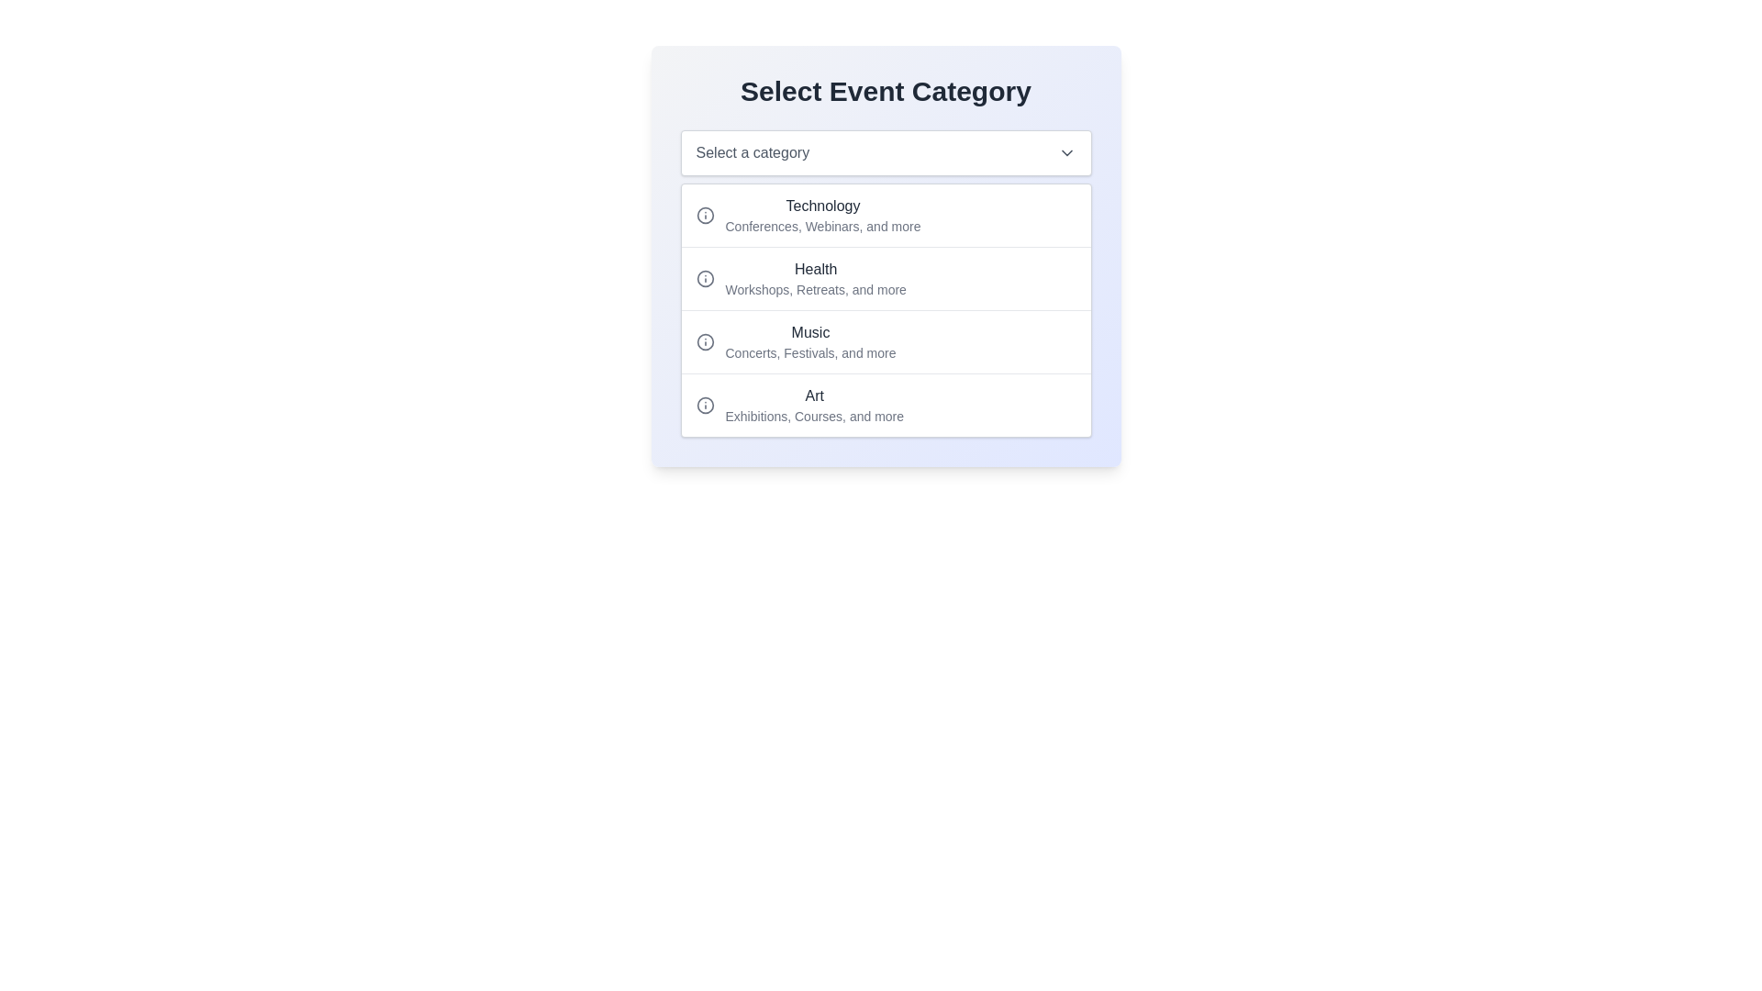 The image size is (1762, 991). What do you see at coordinates (822, 206) in the screenshot?
I see `the text label that reads 'Technology', which is located in the topmost row of the selectable category section under 'Select Event Category'. This text is styled in a medium font weight and dark gray color against a white background` at bounding box center [822, 206].